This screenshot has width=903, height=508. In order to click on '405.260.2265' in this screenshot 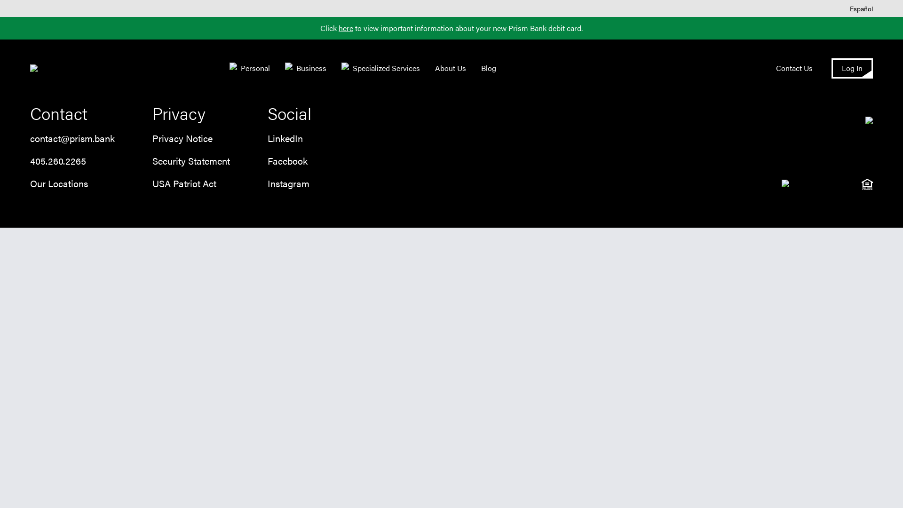, I will do `click(57, 160)`.